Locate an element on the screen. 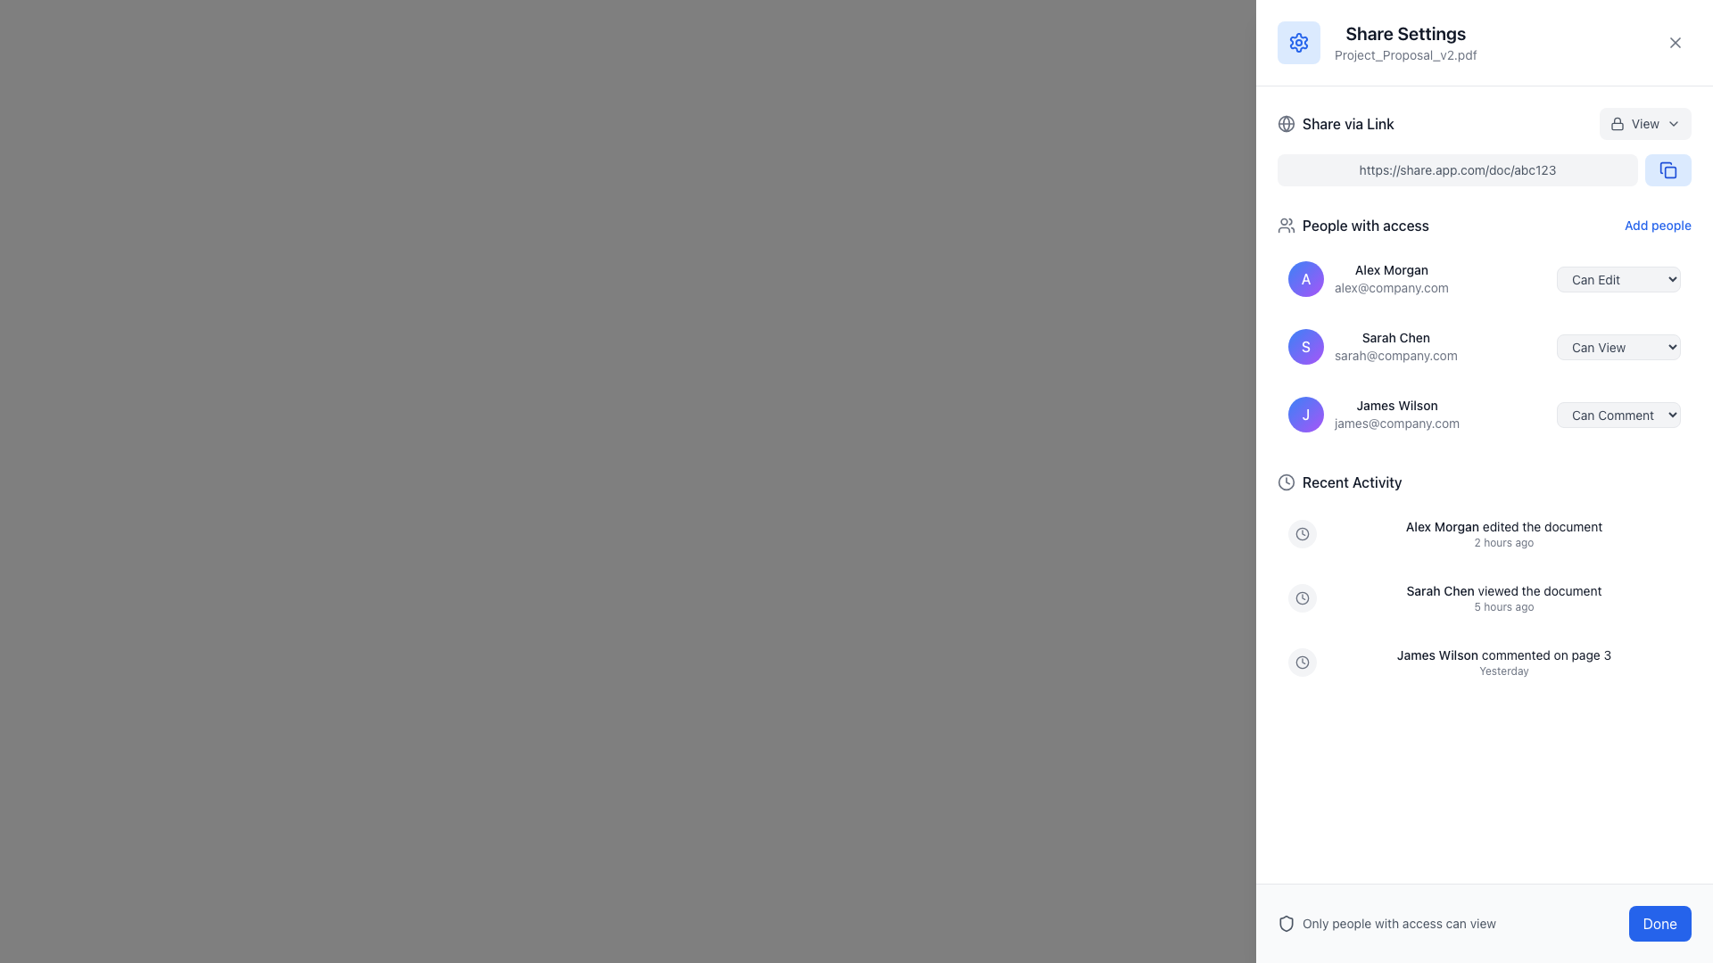 The image size is (1713, 963). an option from the dropdown menu labeled 'Can View' located to the right of 'Sarah Chen' in the 'People with access' list is located at coordinates (1618, 347).